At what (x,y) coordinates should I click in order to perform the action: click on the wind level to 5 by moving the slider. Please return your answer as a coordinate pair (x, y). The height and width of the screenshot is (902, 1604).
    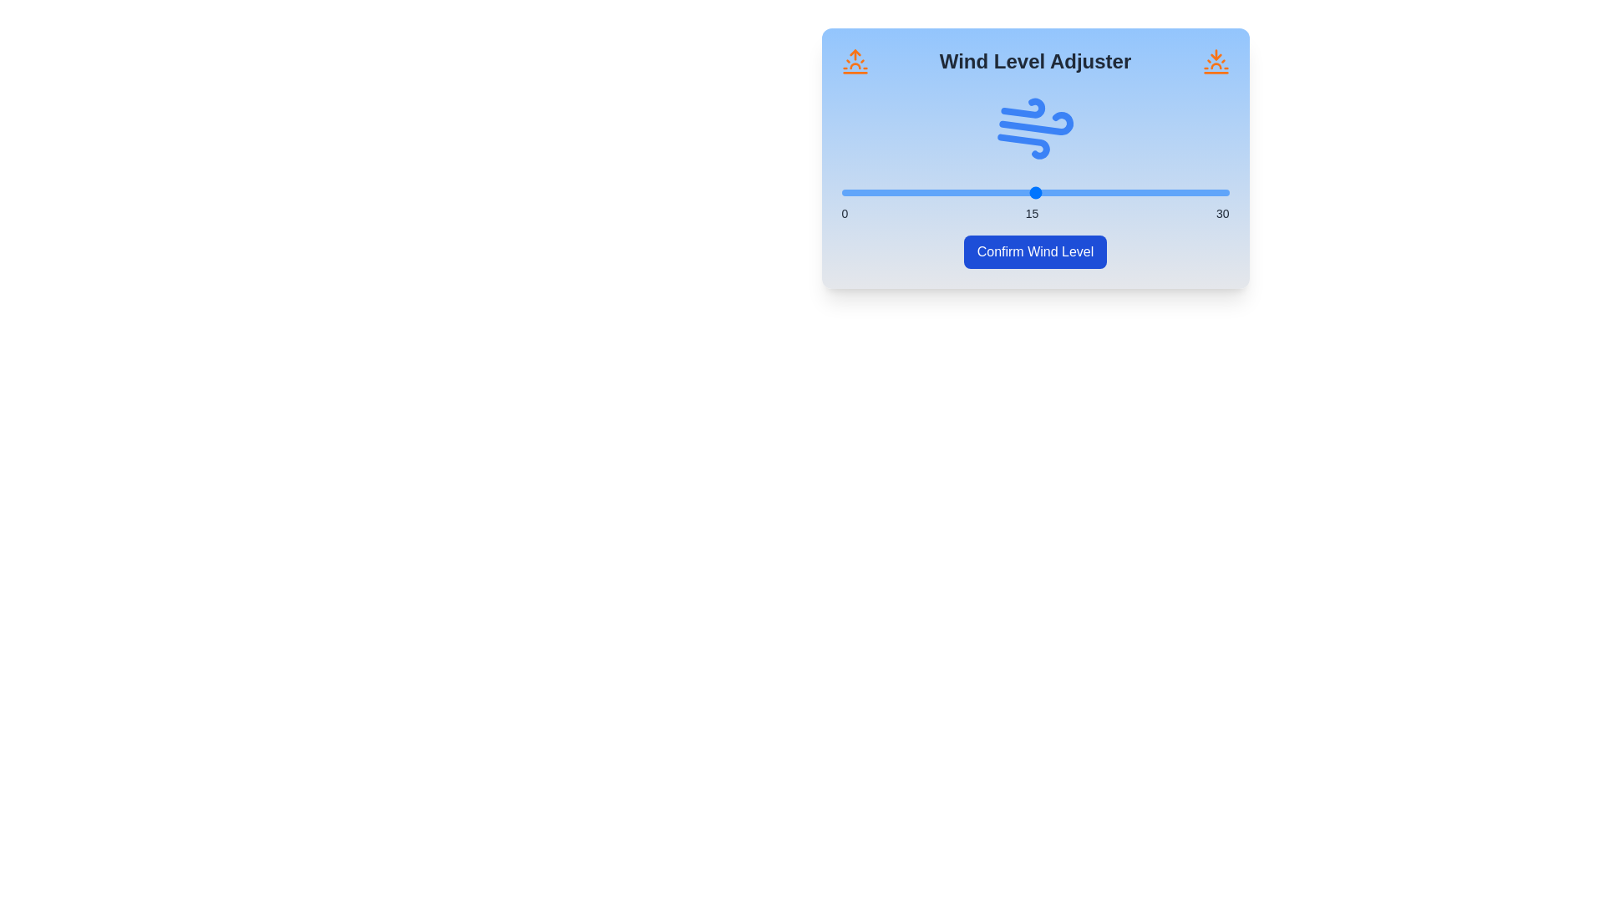
    Looking at the image, I should click on (905, 192).